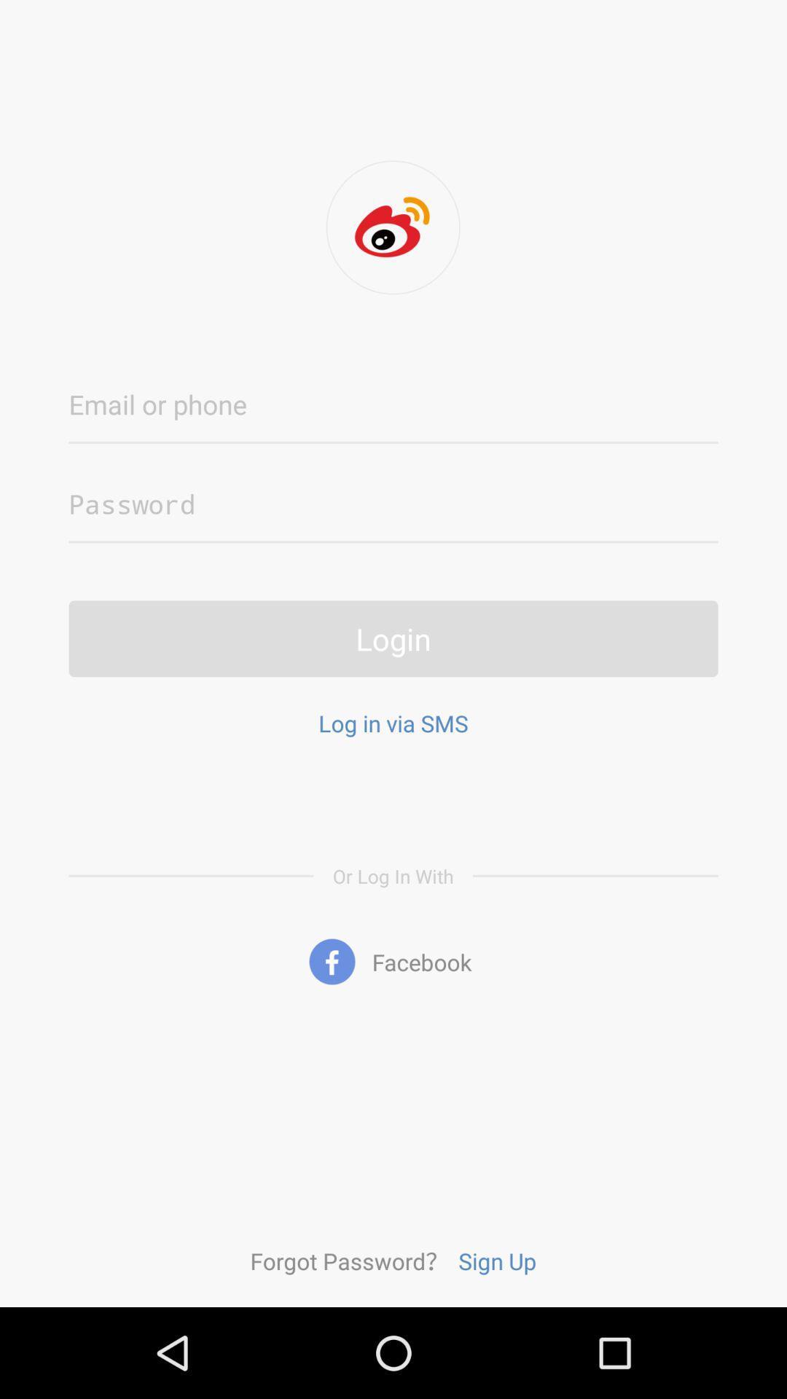 Image resolution: width=787 pixels, height=1399 pixels. Describe the element at coordinates (349, 1260) in the screenshot. I see `item below the facebook icon` at that location.